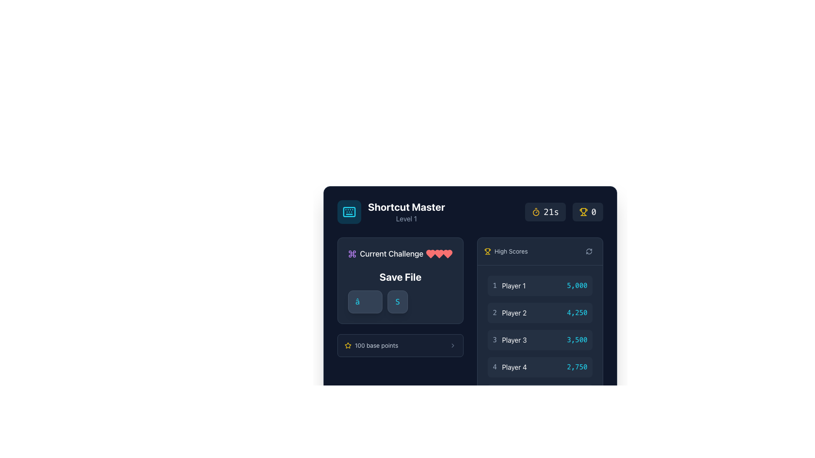 This screenshot has width=815, height=458. Describe the element at coordinates (439, 253) in the screenshot. I see `the third heart icon from the left in the set of five hearts beside the 'Current Challenge' text in the left panel` at that location.